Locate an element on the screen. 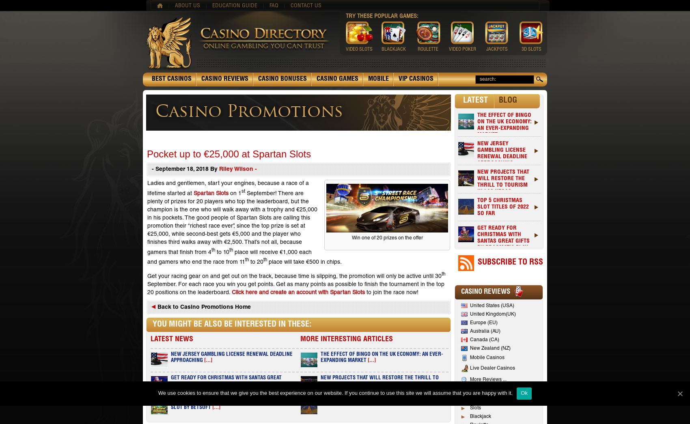  'United Kingdom(UK)' is located at coordinates (492, 314).